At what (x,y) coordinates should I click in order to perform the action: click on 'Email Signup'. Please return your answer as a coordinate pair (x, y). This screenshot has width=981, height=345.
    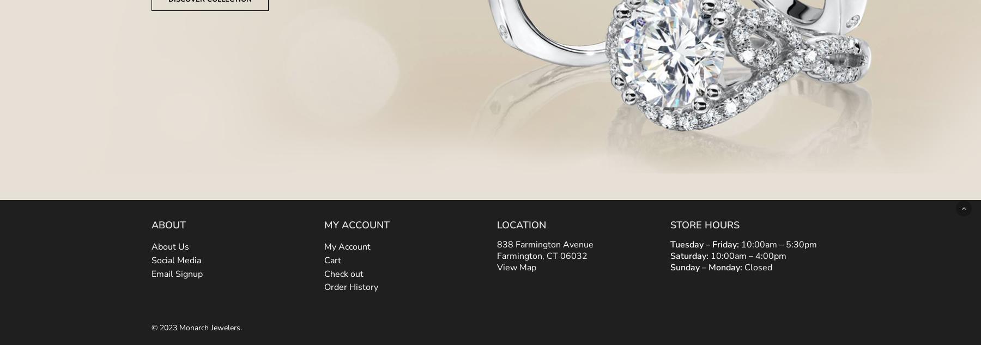
    Looking at the image, I should click on (176, 273).